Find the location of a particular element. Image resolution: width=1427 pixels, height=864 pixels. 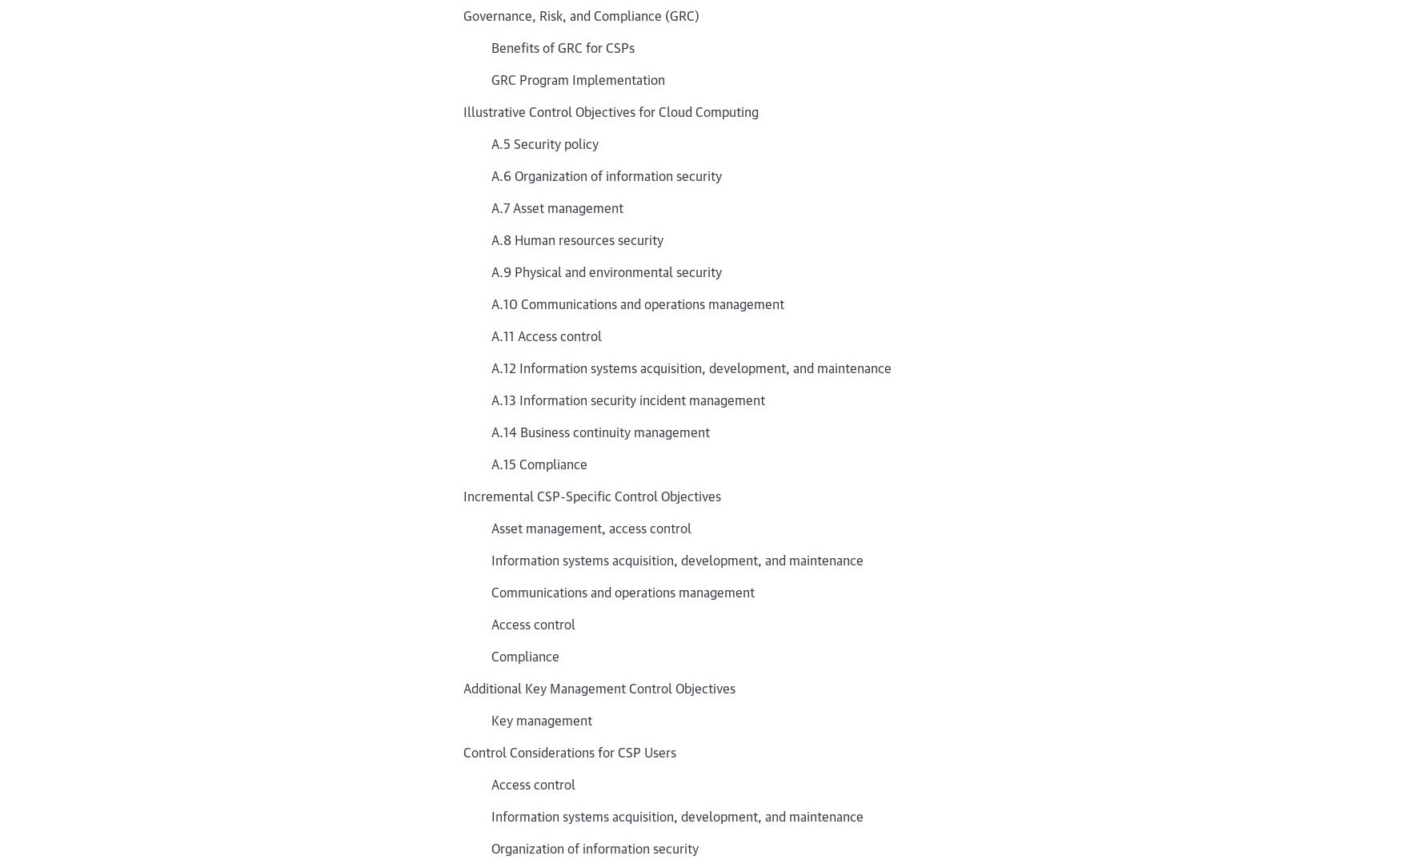

'A.9 Physical and environmental security' is located at coordinates (605, 271).